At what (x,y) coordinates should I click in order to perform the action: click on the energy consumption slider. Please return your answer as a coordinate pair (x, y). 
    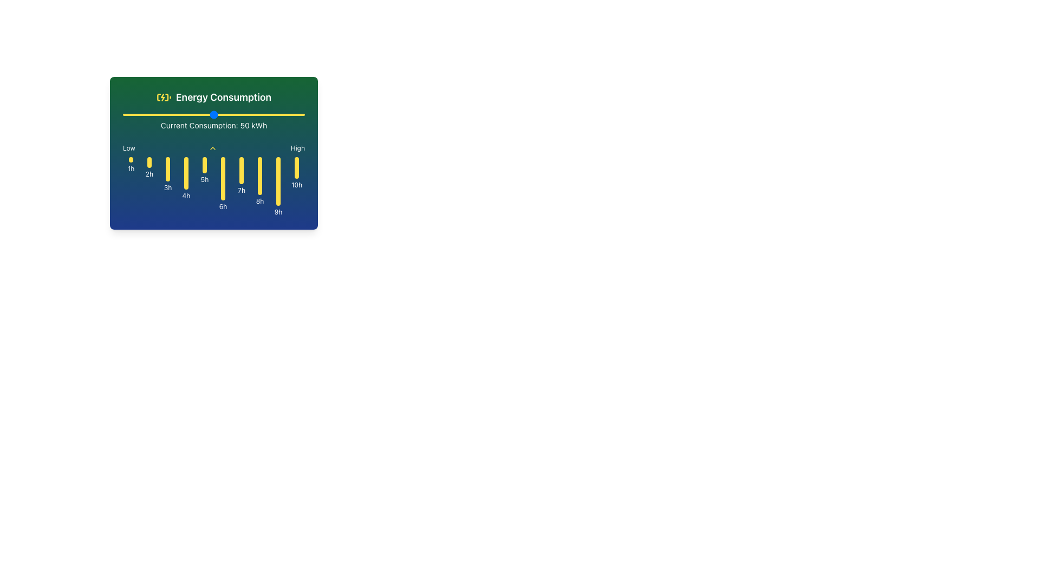
    Looking at the image, I should click on (185, 115).